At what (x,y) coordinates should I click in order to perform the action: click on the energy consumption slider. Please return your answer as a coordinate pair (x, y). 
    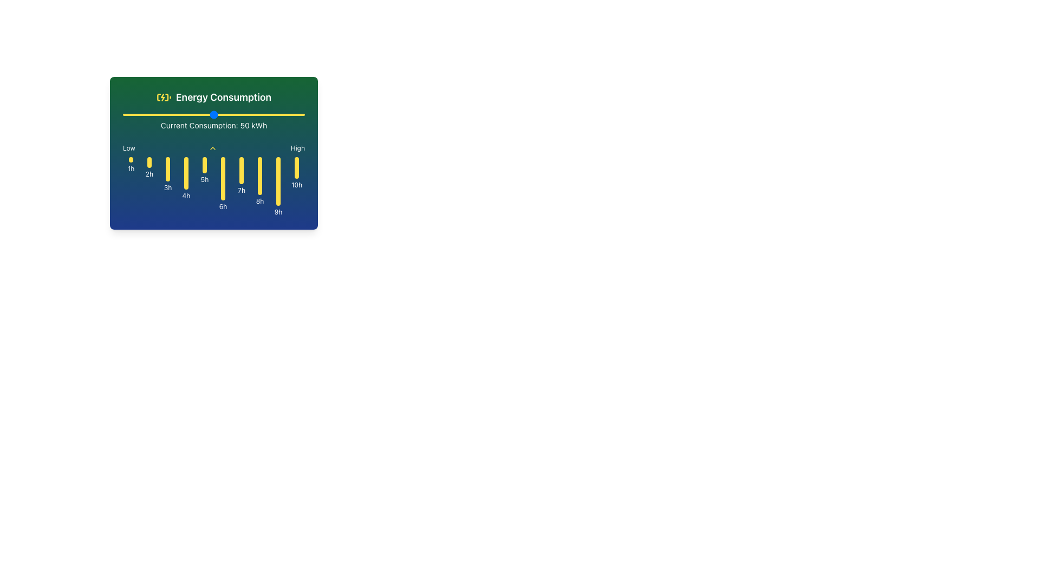
    Looking at the image, I should click on (185, 115).